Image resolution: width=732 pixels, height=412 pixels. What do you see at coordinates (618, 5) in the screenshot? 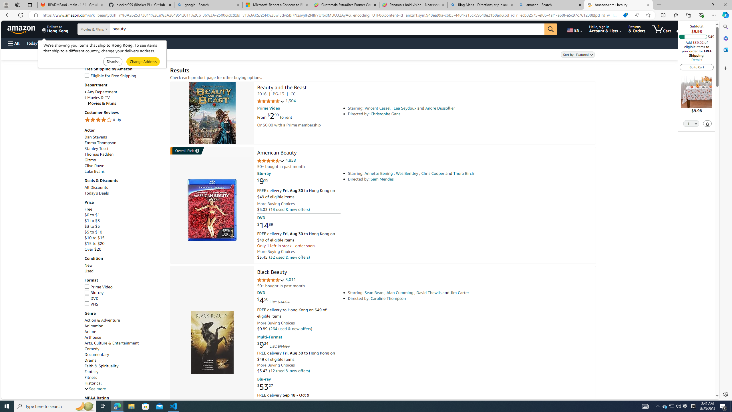
I see `'Amazon.com : beauty'` at bounding box center [618, 5].